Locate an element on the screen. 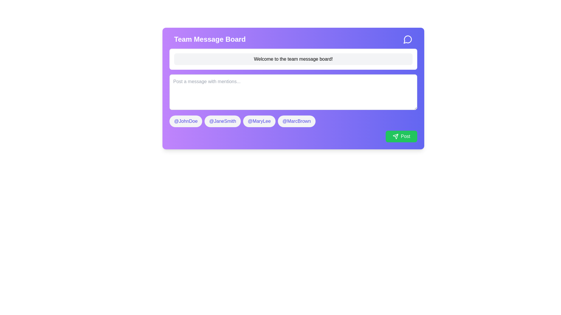  the interactive badge labeled '@JohnDoe', which is the first badge in a horizontal group located below the text input field is located at coordinates (185, 121).